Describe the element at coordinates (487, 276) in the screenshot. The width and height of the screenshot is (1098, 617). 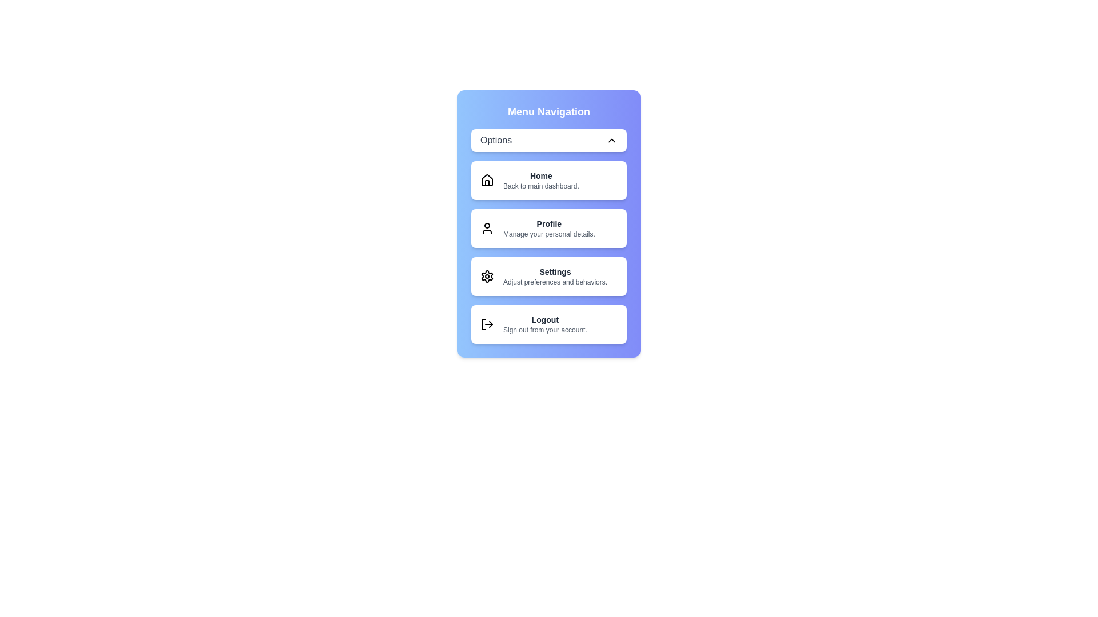
I see `the icon corresponding to the menu item Settings` at that location.